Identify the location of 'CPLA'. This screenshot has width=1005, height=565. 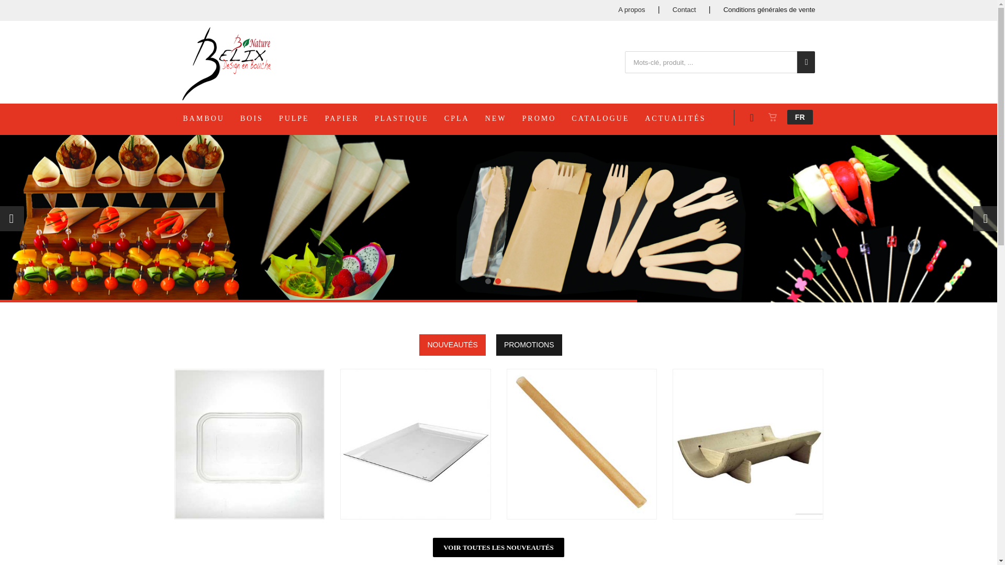
(463, 118).